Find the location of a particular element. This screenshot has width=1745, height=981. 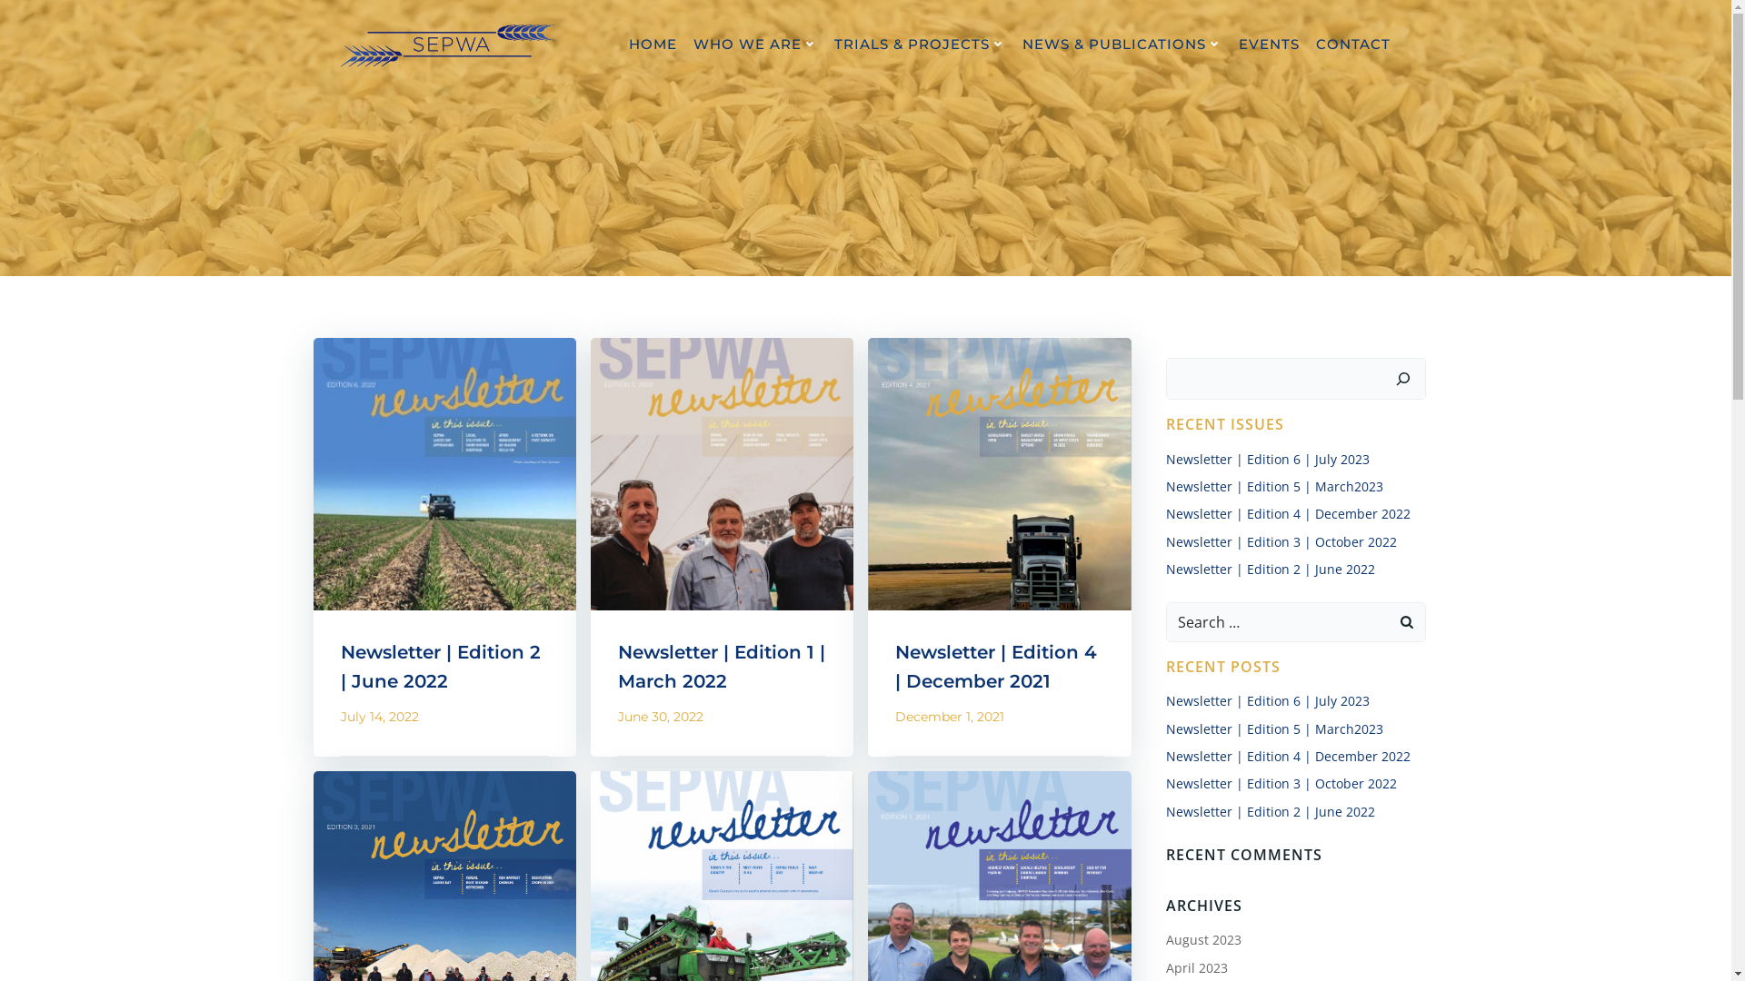

'NEWS & PUBLICATIONS' is located at coordinates (1120, 44).